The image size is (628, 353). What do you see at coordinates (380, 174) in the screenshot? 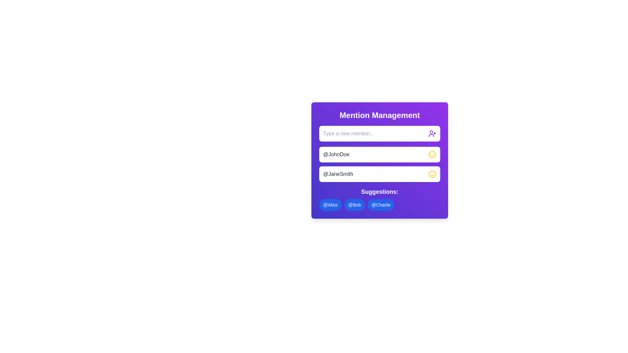
I see `the interactive list item with the text '@JaneSmith' and a yellow smiley-face icon` at bounding box center [380, 174].